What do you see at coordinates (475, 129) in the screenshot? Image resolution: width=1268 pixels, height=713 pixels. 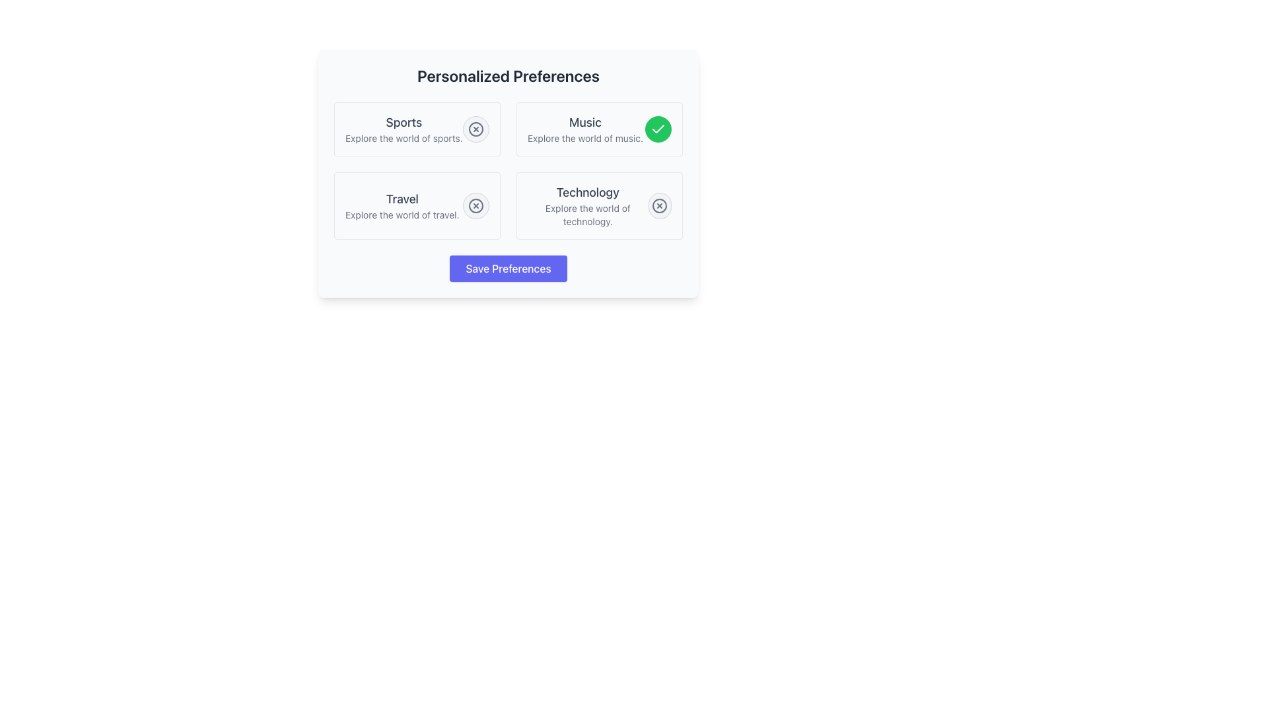 I see `the deselection indicator in the top right corner of the 'Sports' option box` at bounding box center [475, 129].